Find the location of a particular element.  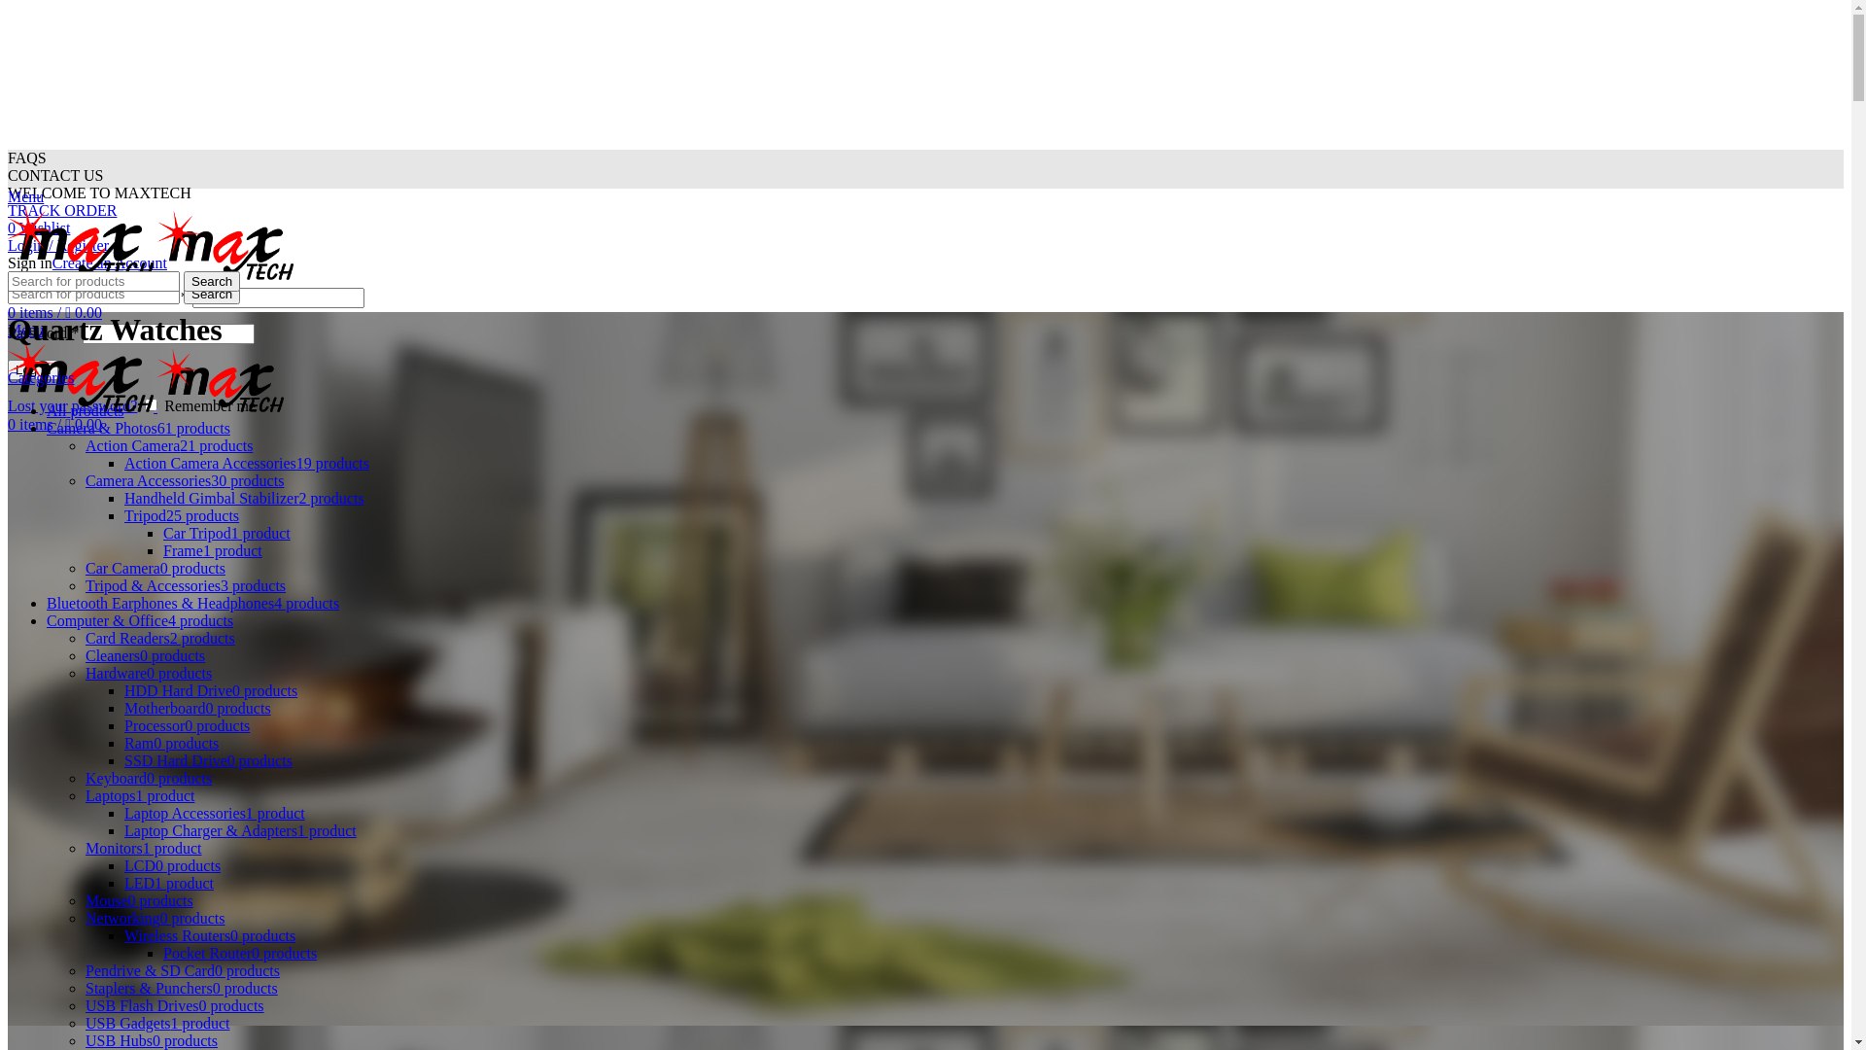

'Monitors1 product' is located at coordinates (84, 847).